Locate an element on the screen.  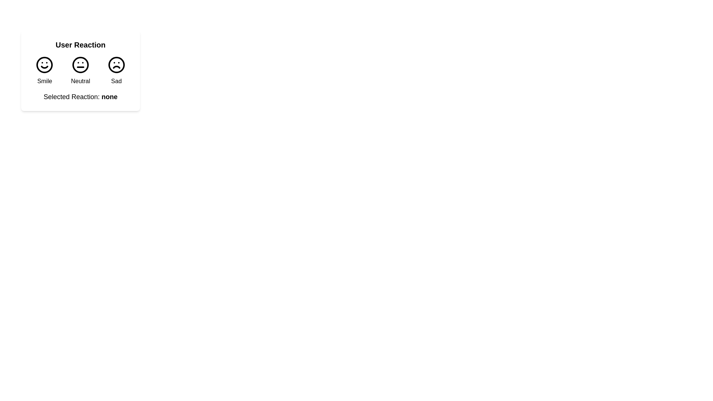
the Text Label indicating the selected user reaction, which displays the phrase 'Selected Reaction: none' with 'none' being bolded on the right side is located at coordinates (109, 97).